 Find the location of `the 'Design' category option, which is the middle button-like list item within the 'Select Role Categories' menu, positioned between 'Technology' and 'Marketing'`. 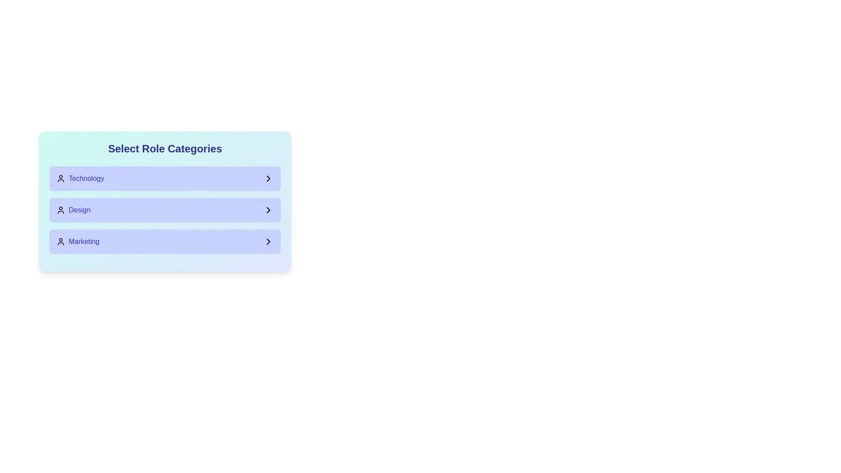

the 'Design' category option, which is the middle button-like list item within the 'Select Role Categories' menu, positioned between 'Technology' and 'Marketing' is located at coordinates (165, 210).